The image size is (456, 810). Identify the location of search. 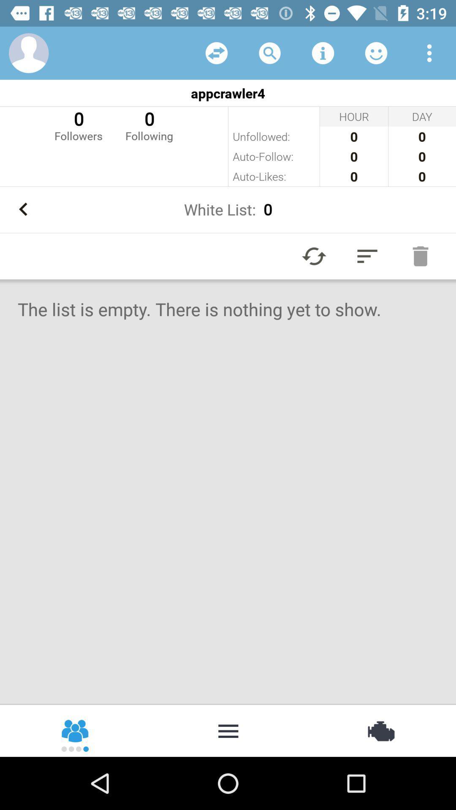
(270, 52).